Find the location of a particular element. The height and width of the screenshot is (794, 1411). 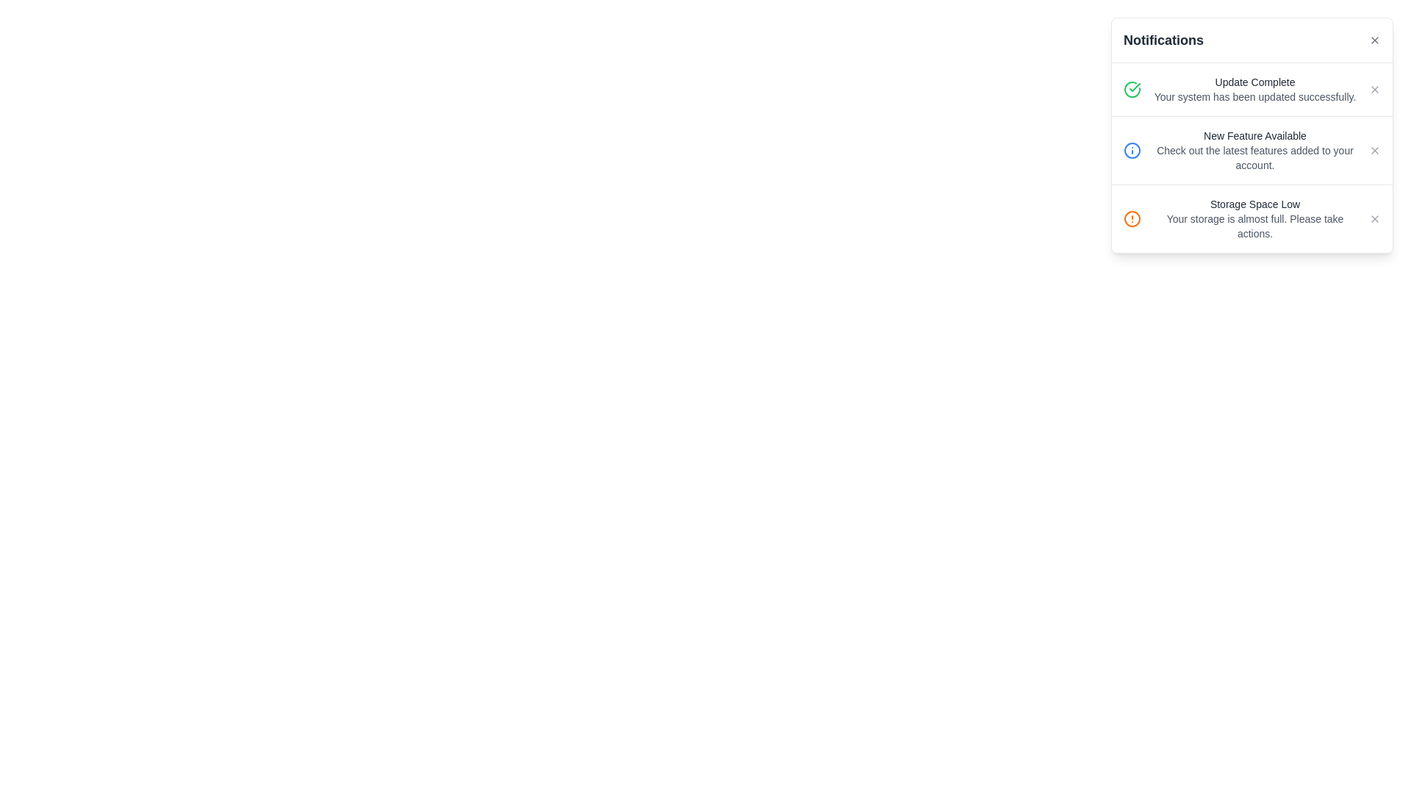

the second notification in the vertical list of notifications, which informs the user about new features added to their account is located at coordinates (1254, 150).